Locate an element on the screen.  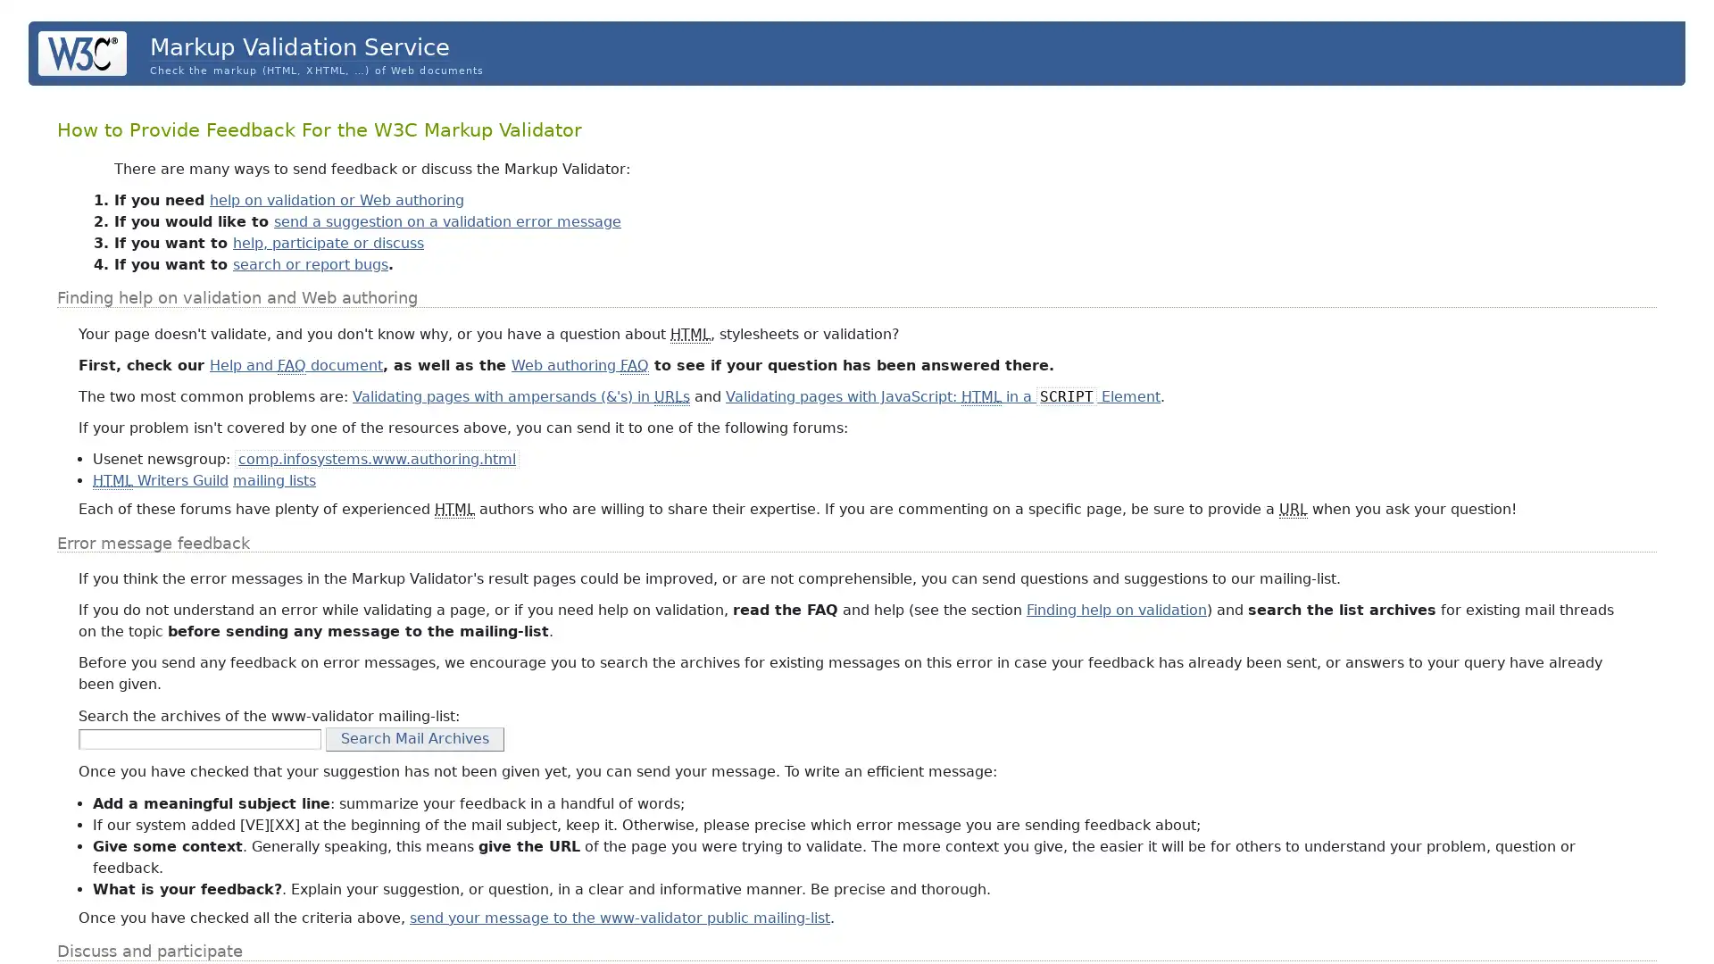
Search Mail Archives is located at coordinates (413, 739).